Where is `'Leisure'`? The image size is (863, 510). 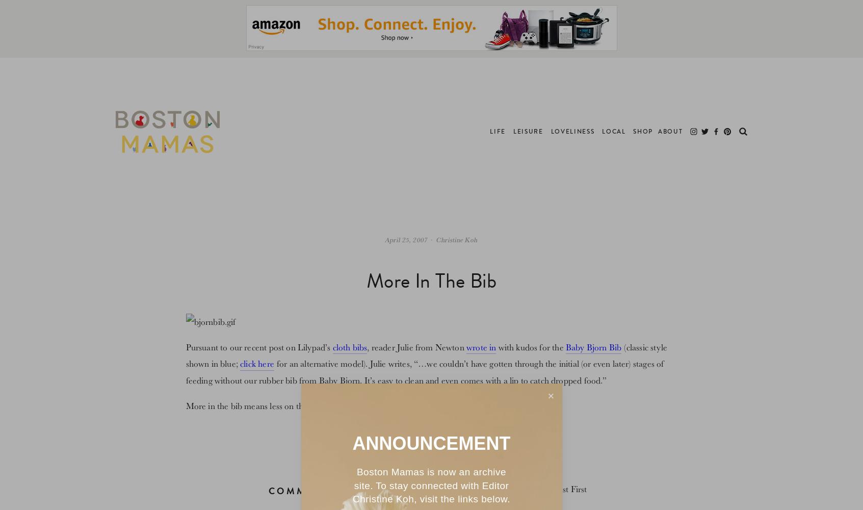
'Leisure' is located at coordinates (512, 132).